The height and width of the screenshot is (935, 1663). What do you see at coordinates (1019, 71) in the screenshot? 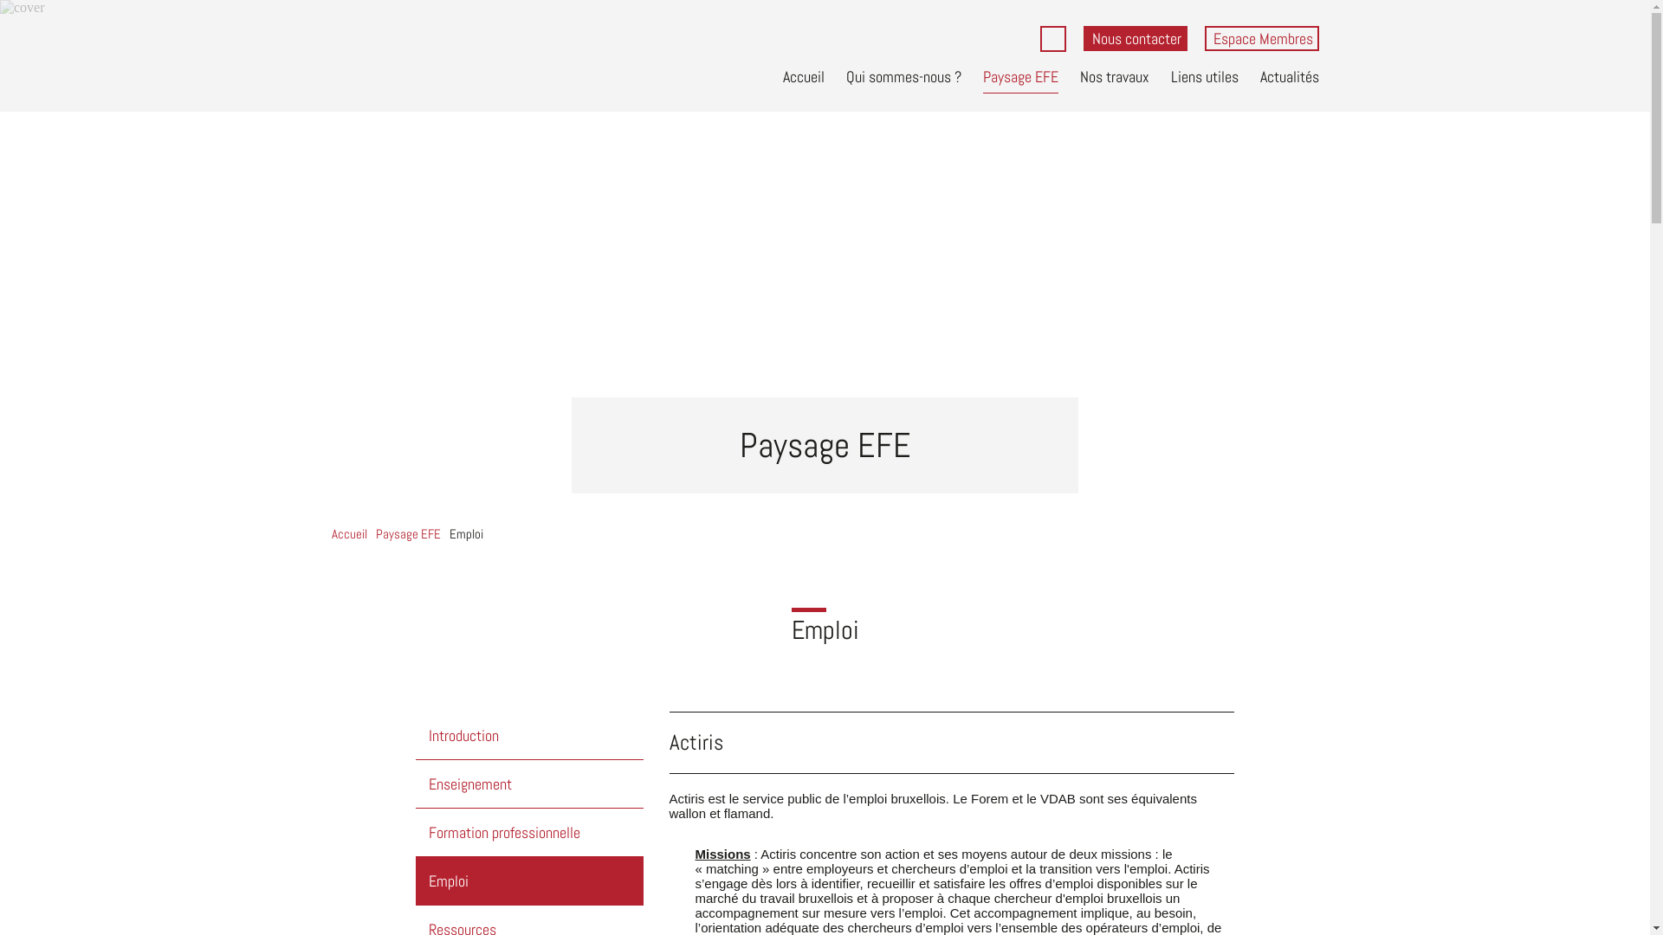
I see `'Paysage EFE'` at bounding box center [1019, 71].